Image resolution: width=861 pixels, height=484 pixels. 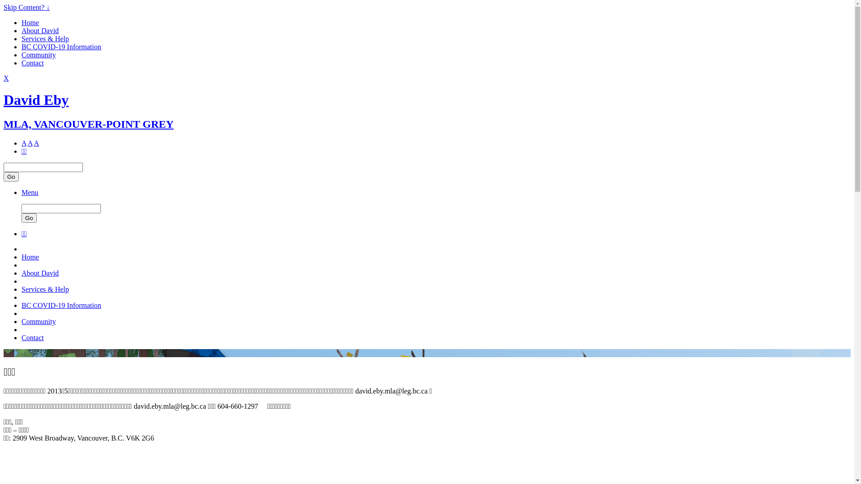 What do you see at coordinates (28, 143) in the screenshot?
I see `'A'` at bounding box center [28, 143].